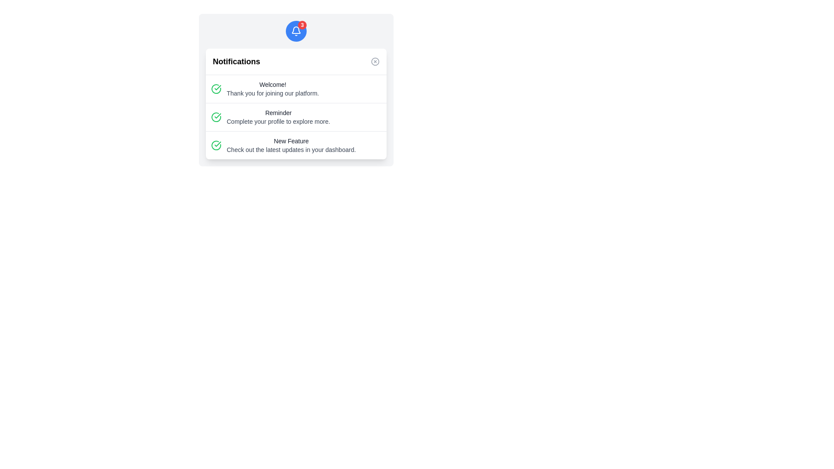  What do you see at coordinates (302, 24) in the screenshot?
I see `the Notification Badge, which is a small circular badge with a red background and white text displaying the number '3', located at the top-right corner of a blue circular notification bell icon` at bounding box center [302, 24].